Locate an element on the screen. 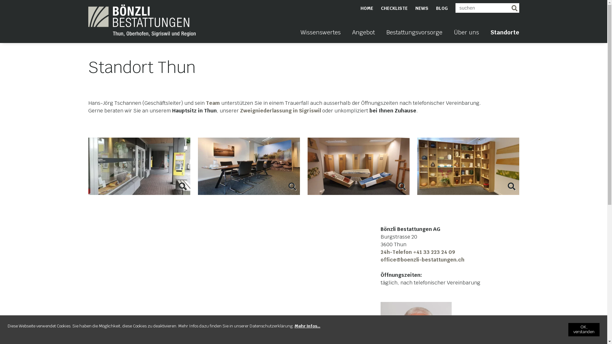  '+41 33 223 24 09' is located at coordinates (434, 252).